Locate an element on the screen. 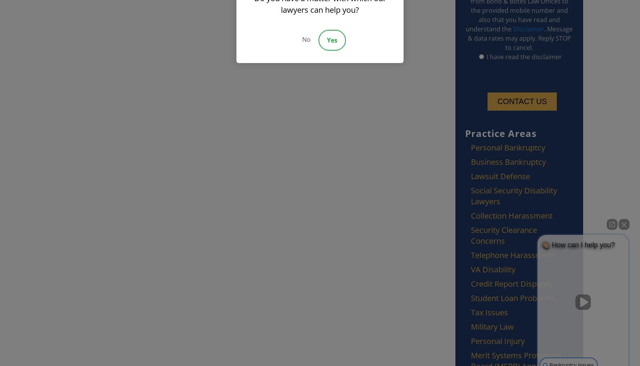 The image size is (640, 366). 'Social Security Disability Lawyers' is located at coordinates (514, 196).